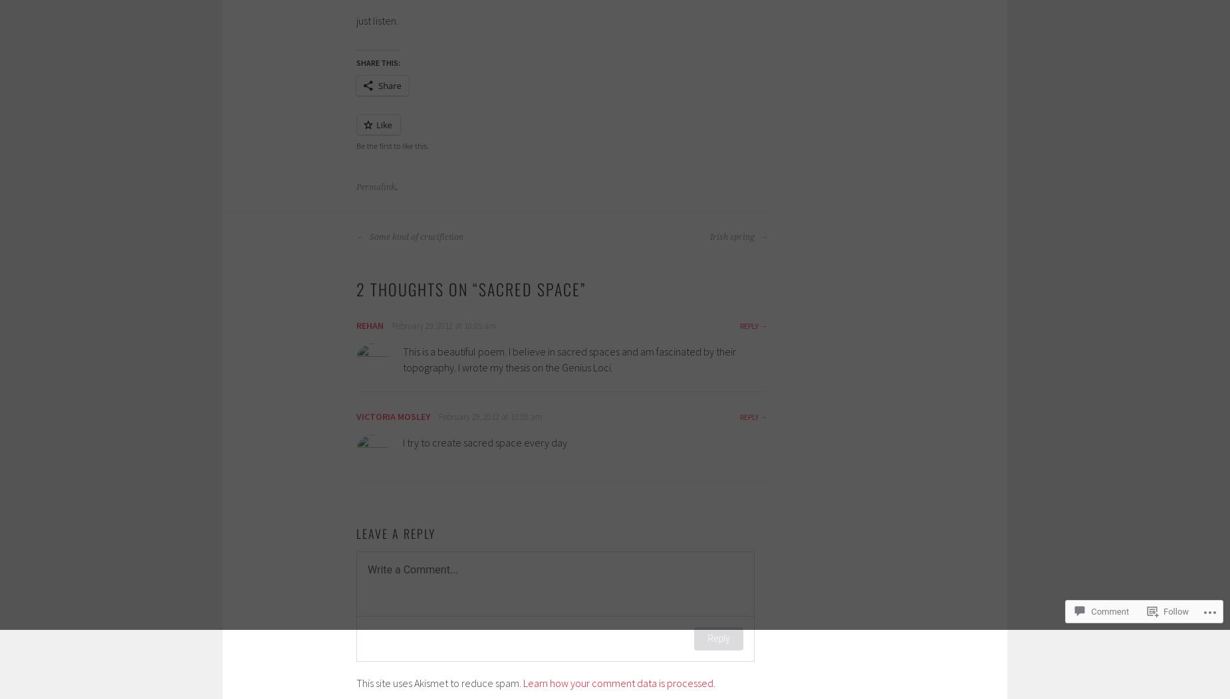  Describe the element at coordinates (439, 682) in the screenshot. I see `'This site uses Akismet to reduce spam.'` at that location.